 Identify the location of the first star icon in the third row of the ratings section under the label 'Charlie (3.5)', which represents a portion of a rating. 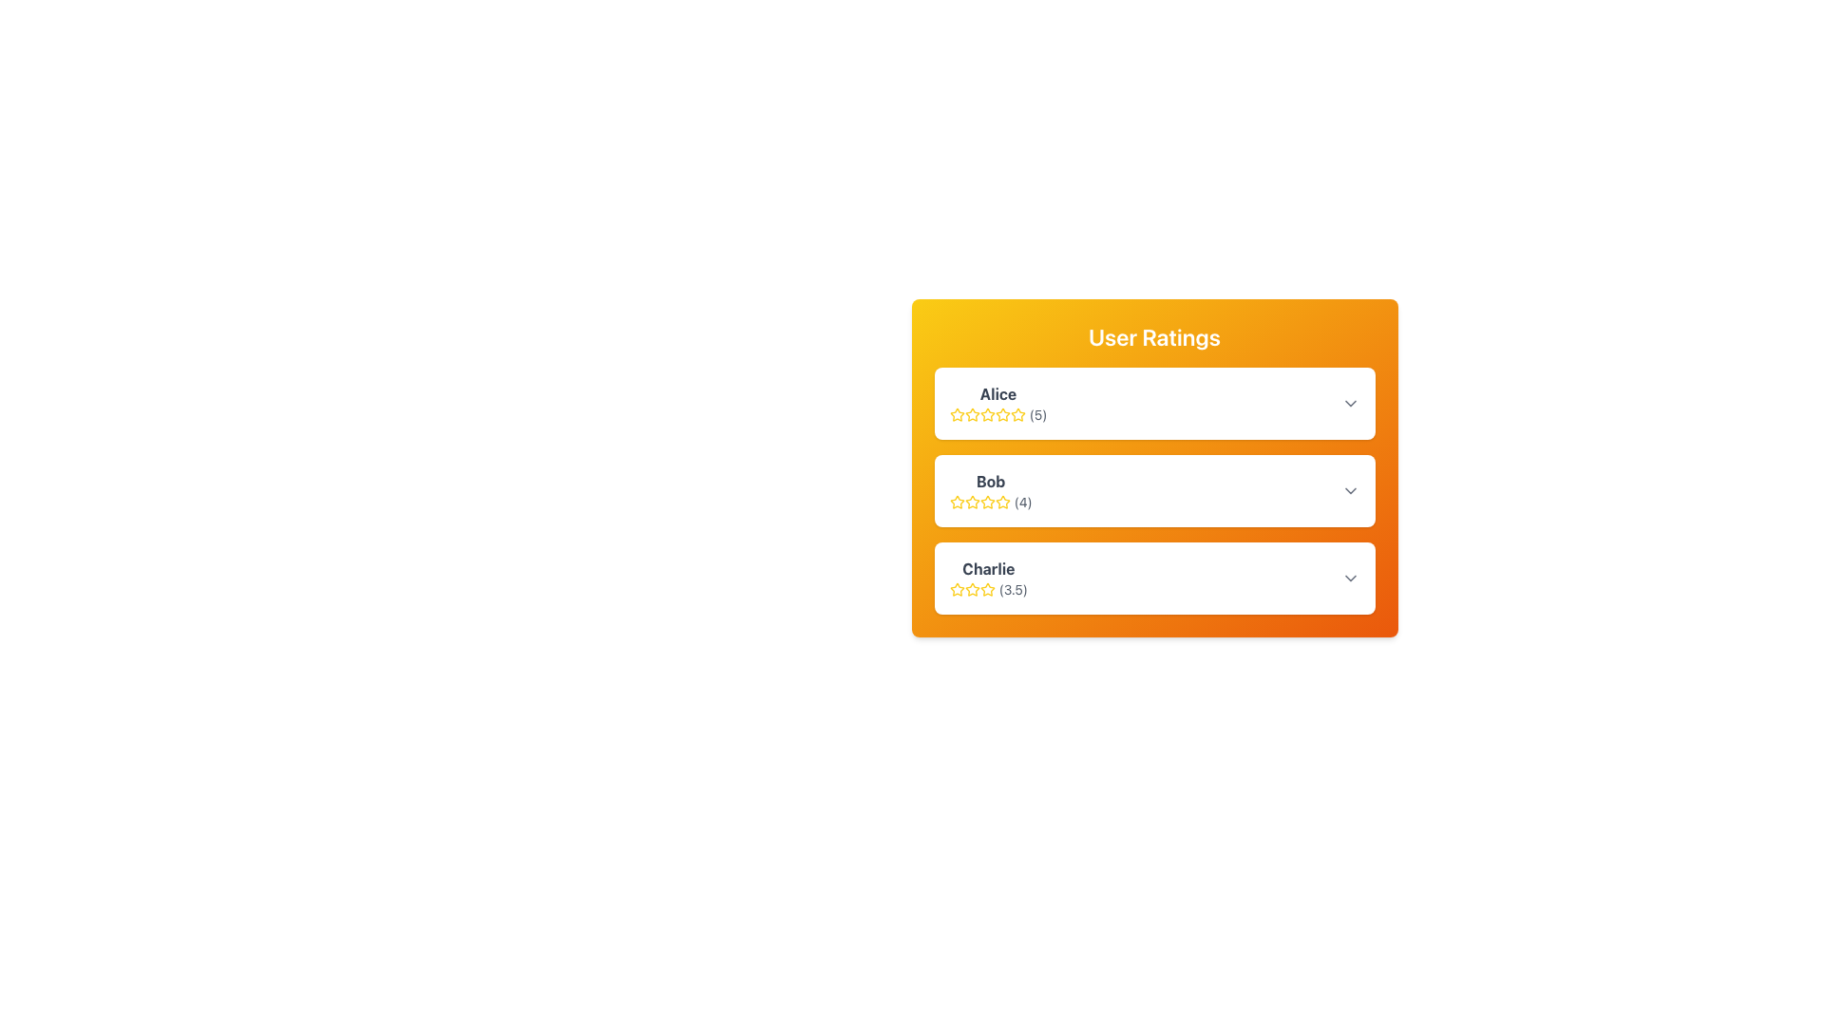
(987, 588).